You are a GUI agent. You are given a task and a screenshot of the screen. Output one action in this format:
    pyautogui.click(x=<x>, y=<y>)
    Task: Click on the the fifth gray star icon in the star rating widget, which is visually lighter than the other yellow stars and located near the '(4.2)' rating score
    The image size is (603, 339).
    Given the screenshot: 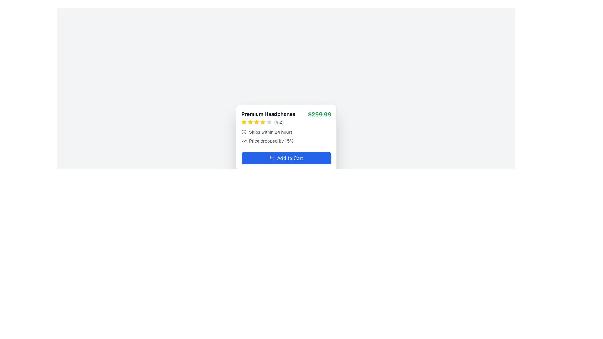 What is the action you would take?
    pyautogui.click(x=269, y=122)
    